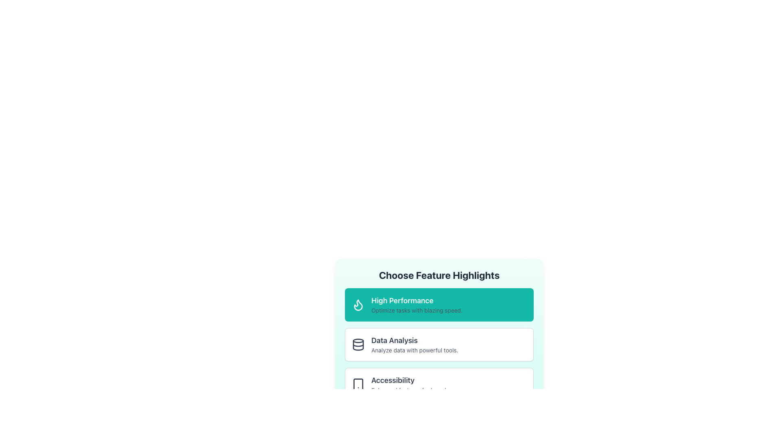 This screenshot has width=781, height=439. Describe the element at coordinates (439, 384) in the screenshot. I see `keyboard navigation` at that location.